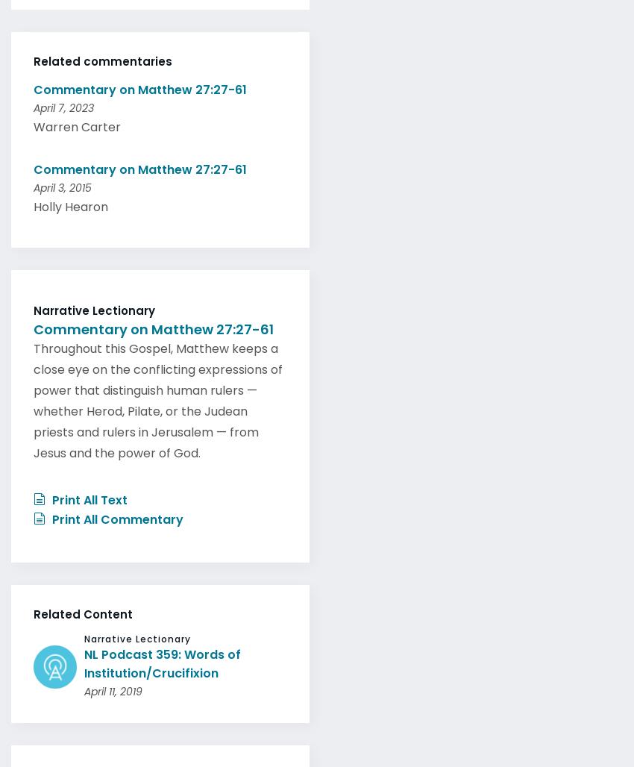  What do you see at coordinates (70, 202) in the screenshot?
I see `'Holly Hearon'` at bounding box center [70, 202].